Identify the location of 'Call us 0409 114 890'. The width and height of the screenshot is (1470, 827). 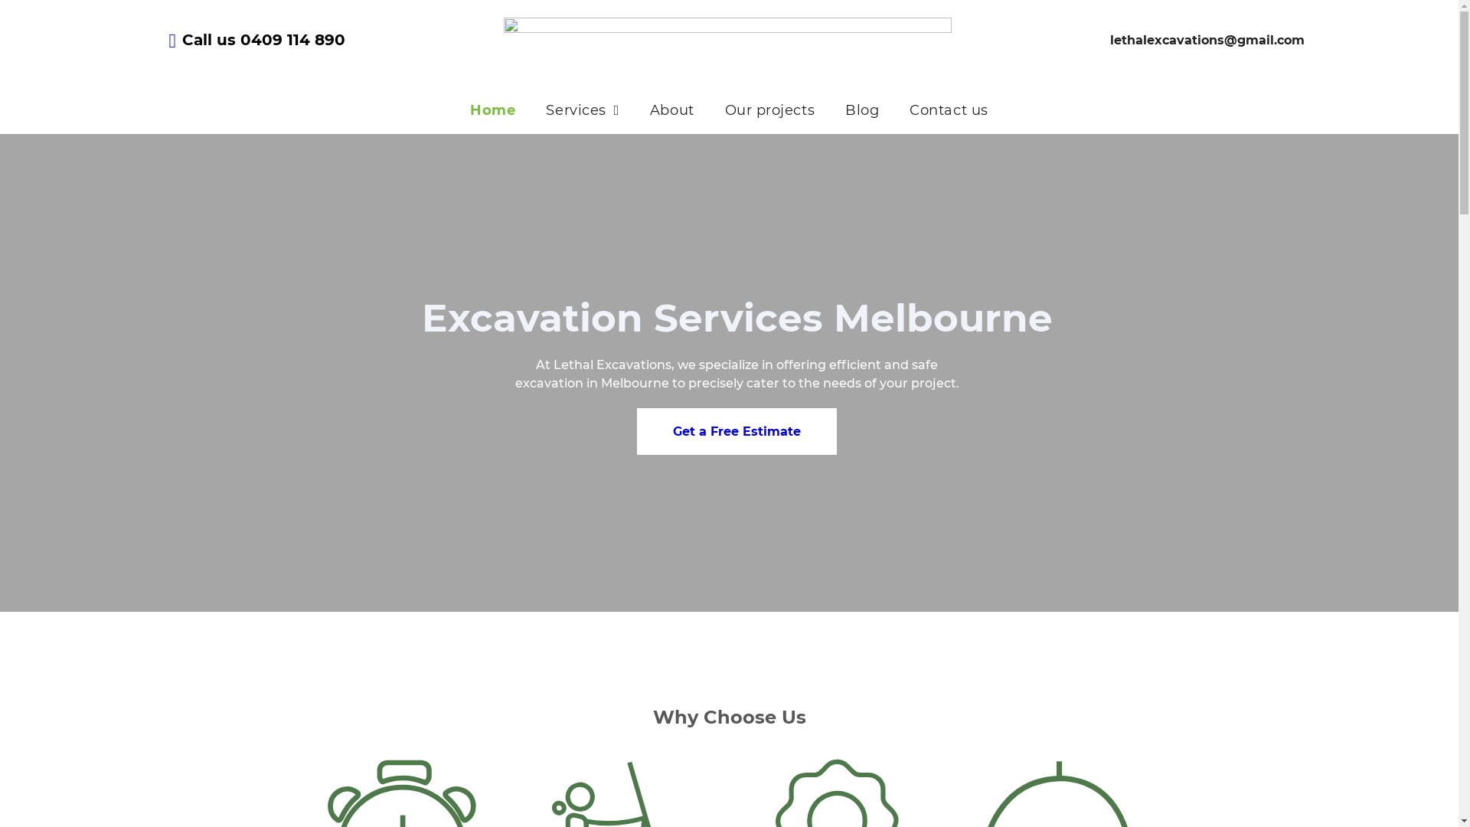
(263, 38).